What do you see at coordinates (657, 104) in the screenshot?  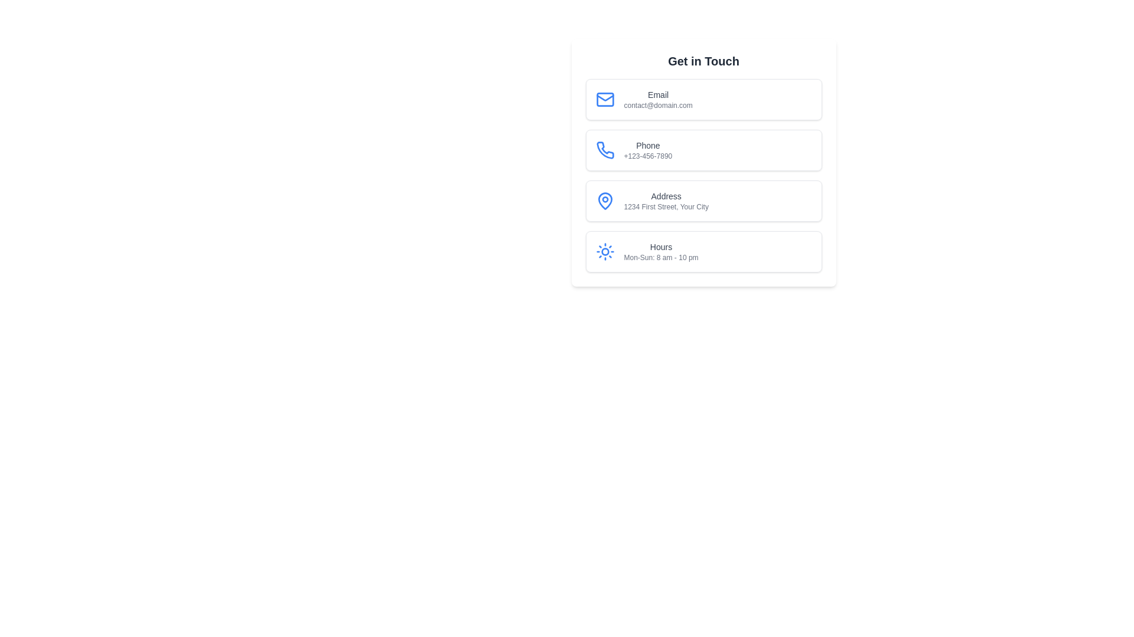 I see `the static text element that displays the email address for contacting the entity, located in the 'Email' section of the contact panel, aligned below the 'Email' label` at bounding box center [657, 104].